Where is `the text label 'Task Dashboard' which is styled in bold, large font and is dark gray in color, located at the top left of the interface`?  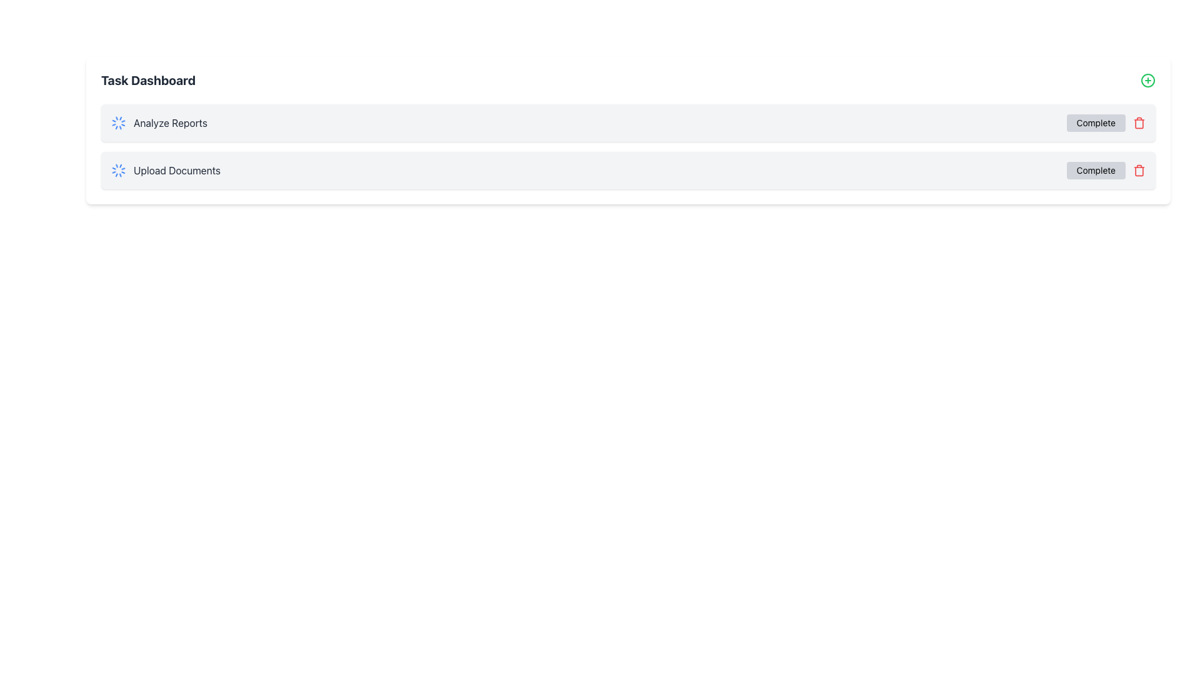 the text label 'Task Dashboard' which is styled in bold, large font and is dark gray in color, located at the top left of the interface is located at coordinates (148, 80).